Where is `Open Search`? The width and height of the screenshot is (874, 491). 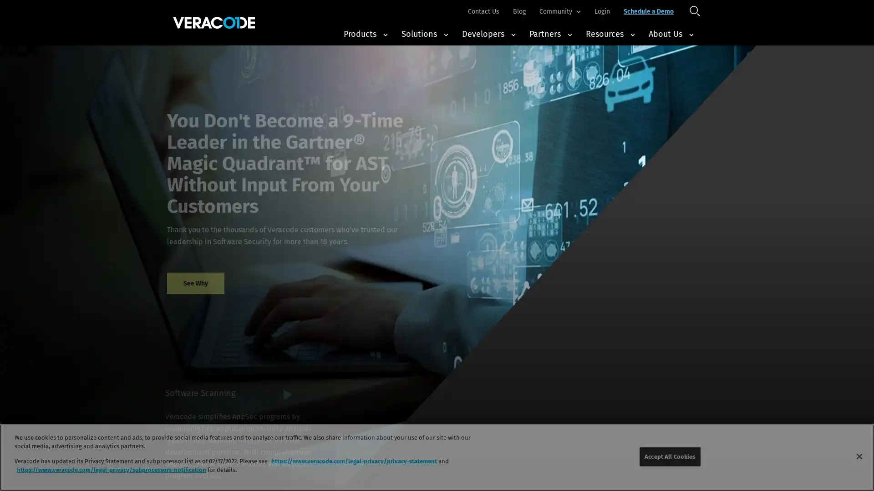 Open Search is located at coordinates (694, 10).